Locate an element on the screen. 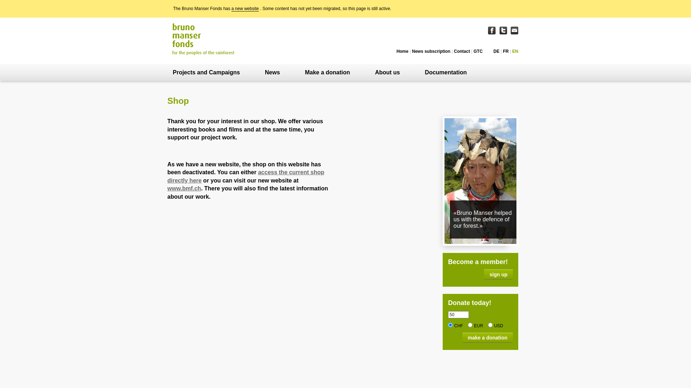 This screenshot has width=691, height=388. 'make a donation' is located at coordinates (487, 338).